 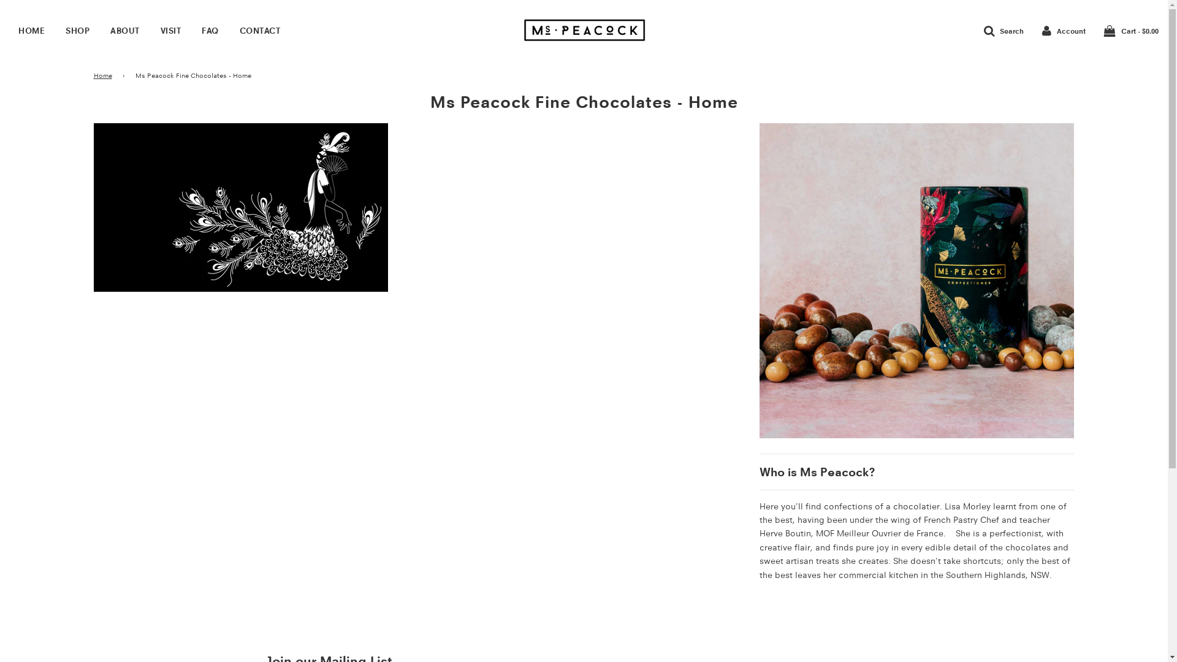 I want to click on 'Cart - $0.00', so click(x=1103, y=29).